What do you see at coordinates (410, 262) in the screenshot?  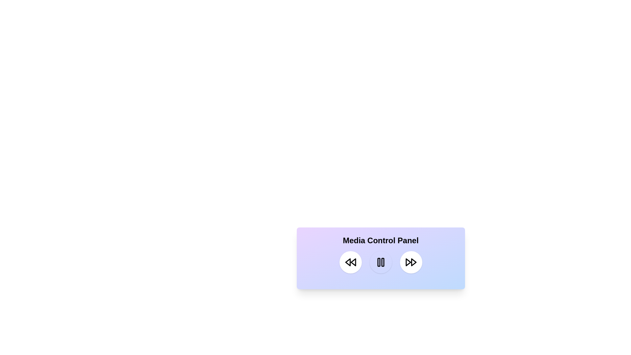 I see `the fast-forward icon, which is the rightmost button in a group of three buttons at the bottom right of the interface` at bounding box center [410, 262].